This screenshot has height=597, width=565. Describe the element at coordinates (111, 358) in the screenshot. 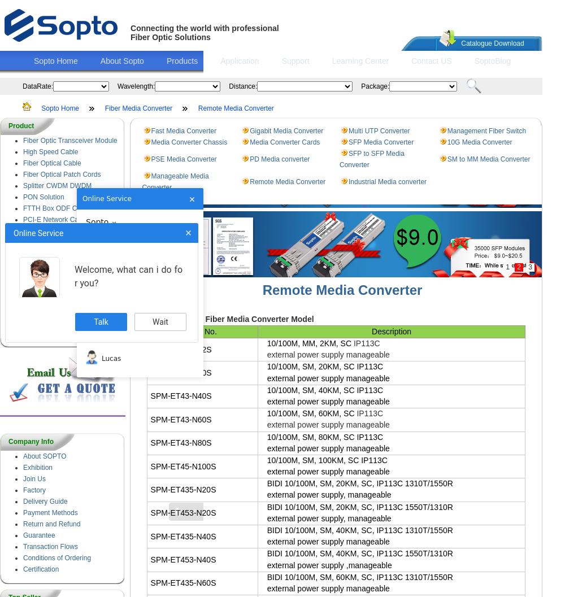

I see `'Lucas'` at that location.